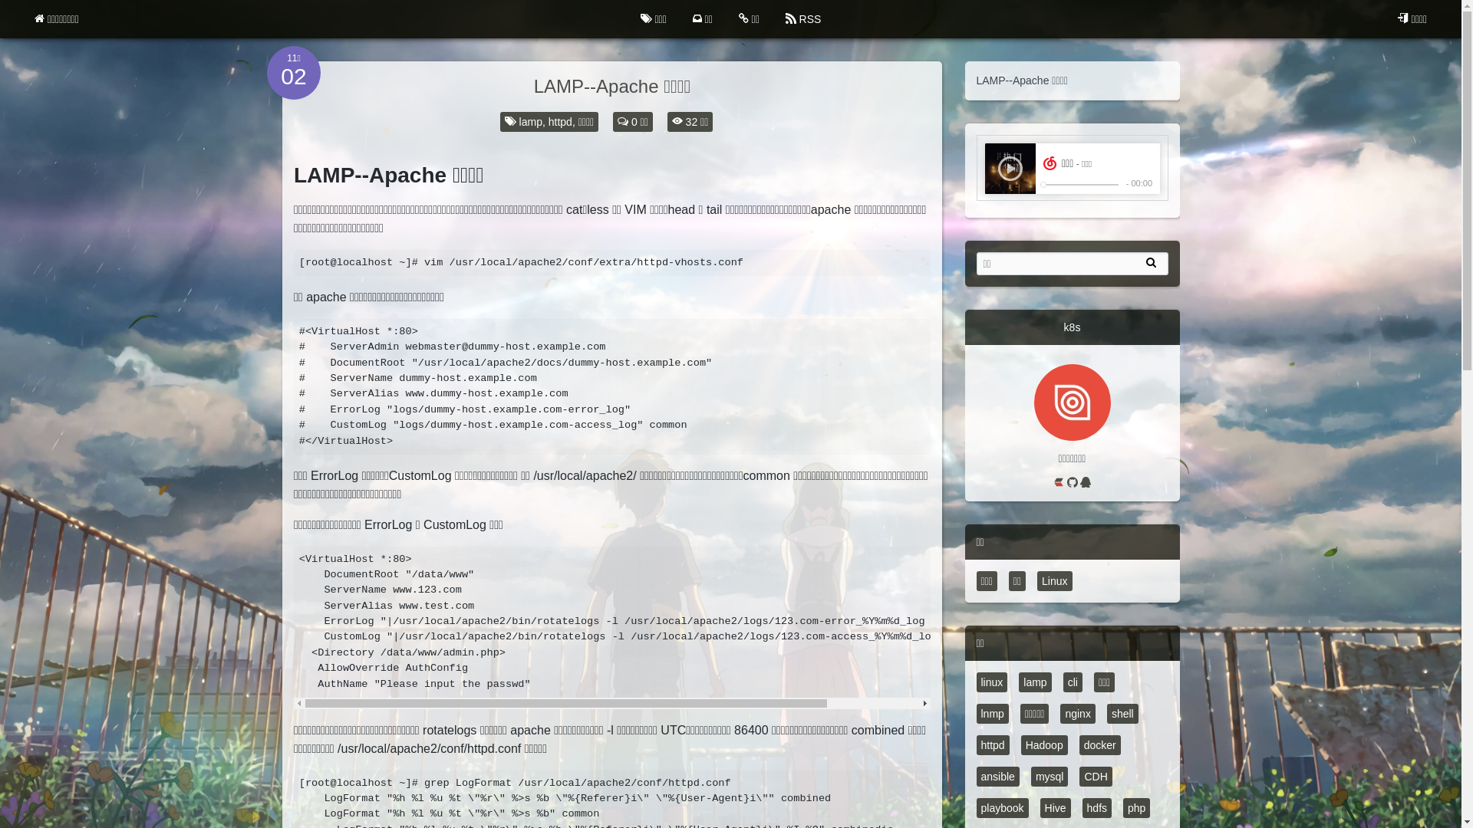 Image resolution: width=1473 pixels, height=828 pixels. Describe the element at coordinates (1136, 807) in the screenshot. I see `'php'` at that location.